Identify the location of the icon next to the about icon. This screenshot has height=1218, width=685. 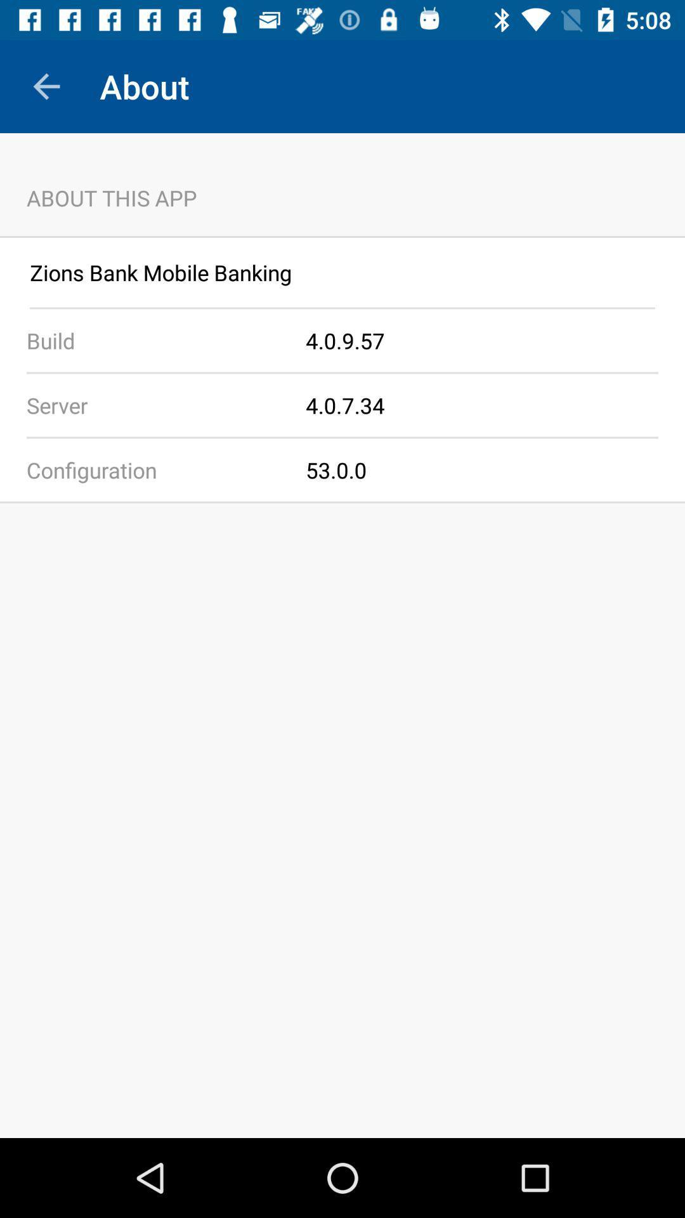
(46, 86).